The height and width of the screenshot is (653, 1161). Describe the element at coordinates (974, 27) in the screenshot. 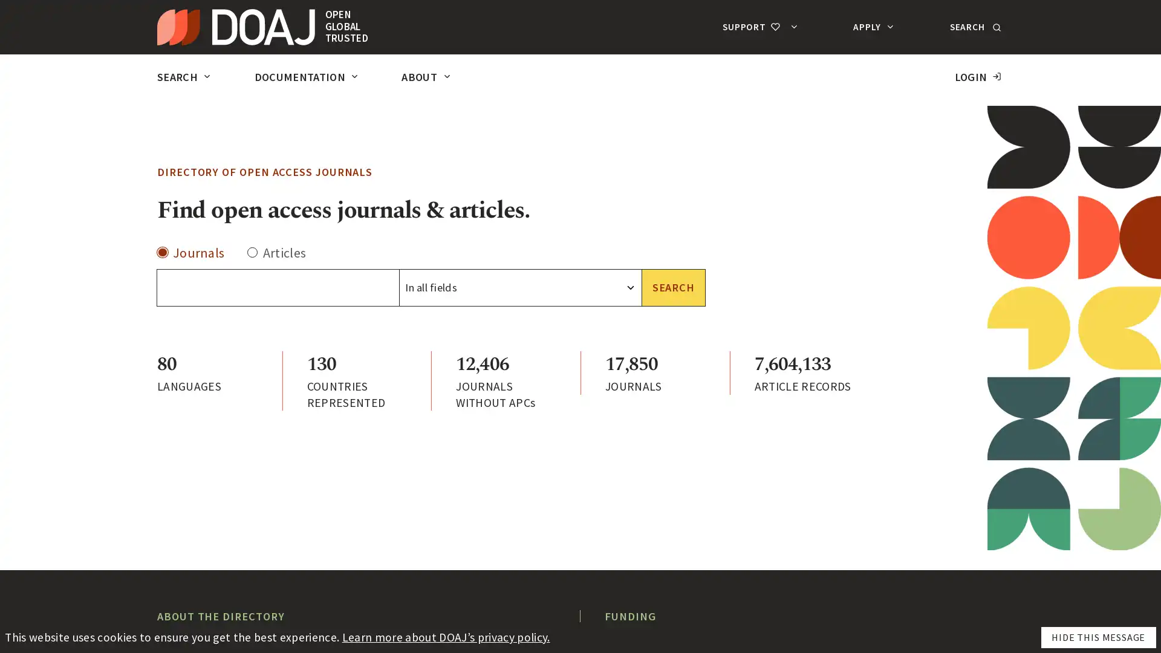

I see `SEARCH` at that location.